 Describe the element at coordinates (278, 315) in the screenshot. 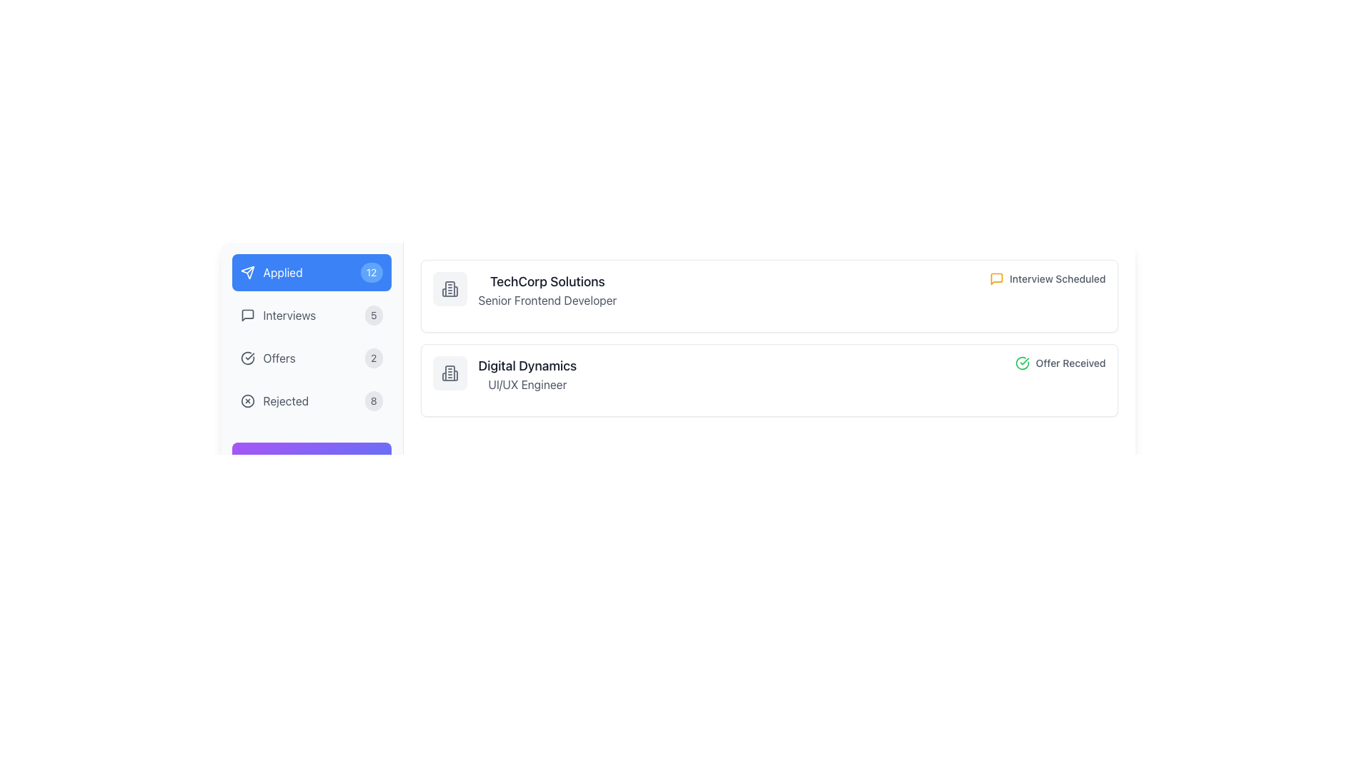

I see `the 'Interviews' text display in the left sidebar menu` at that location.